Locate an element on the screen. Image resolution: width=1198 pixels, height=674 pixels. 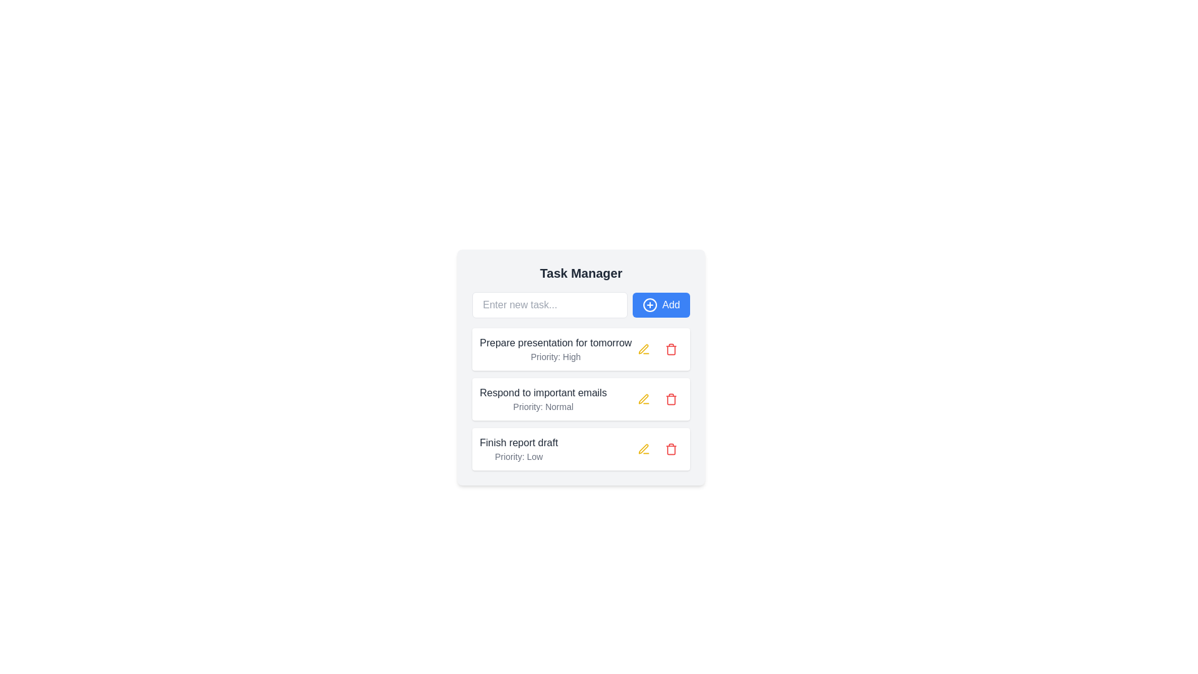
the text display element that shows 'Respond to important emails' in a bold font and 'Priority: Normal' below it is located at coordinates (543, 399).